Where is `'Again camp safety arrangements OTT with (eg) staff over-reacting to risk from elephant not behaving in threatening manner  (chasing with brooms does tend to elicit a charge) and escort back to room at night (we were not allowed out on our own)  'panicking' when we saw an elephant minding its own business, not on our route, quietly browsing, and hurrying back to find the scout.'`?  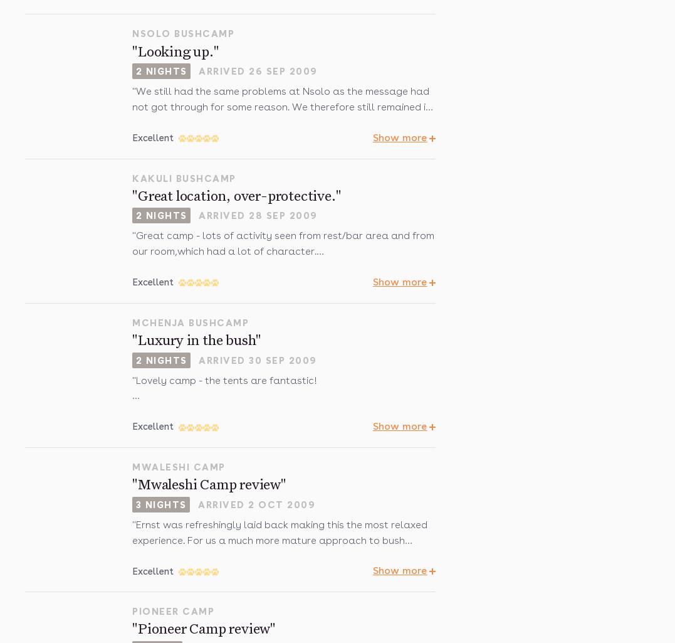
'Again camp safety arrangements OTT with (eg) staff over-reacting to risk from elephant not behaving in threatening manner  (chasing with brooms does tend to elicit a charge) and escort back to room at night (we were not allowed out on our own)  'panicking' when we saw an elephant minding its own business, not on our route, quietly browsing, and hurrying back to find the scout.' is located at coordinates (280, 327).